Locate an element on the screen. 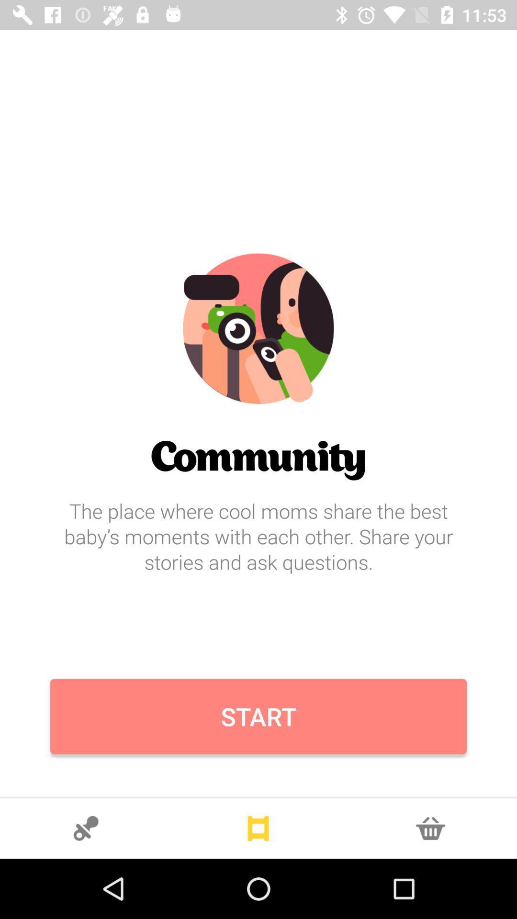 The image size is (517, 919). the facebook icon is located at coordinates (430, 828).